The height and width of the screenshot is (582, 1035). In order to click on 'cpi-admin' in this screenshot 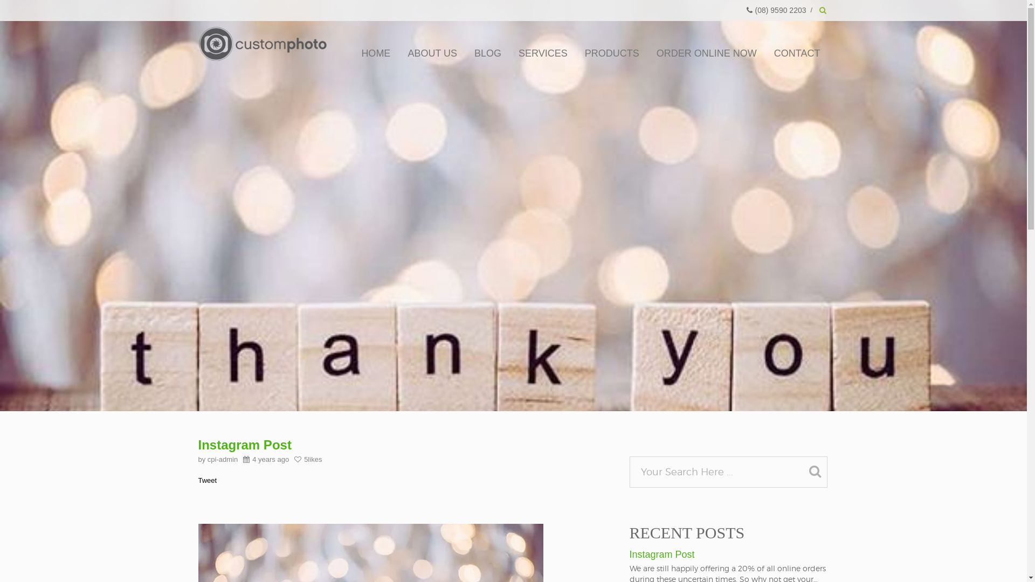, I will do `click(222, 459)`.